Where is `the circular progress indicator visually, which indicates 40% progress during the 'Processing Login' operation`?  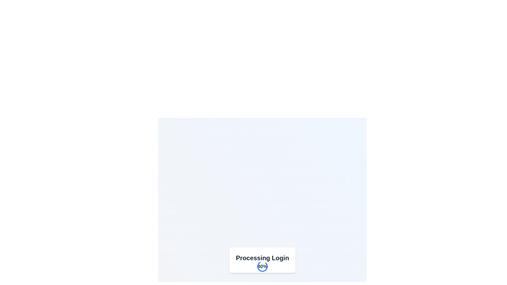 the circular progress indicator visually, which indicates 40% progress during the 'Processing Login' operation is located at coordinates (262, 267).